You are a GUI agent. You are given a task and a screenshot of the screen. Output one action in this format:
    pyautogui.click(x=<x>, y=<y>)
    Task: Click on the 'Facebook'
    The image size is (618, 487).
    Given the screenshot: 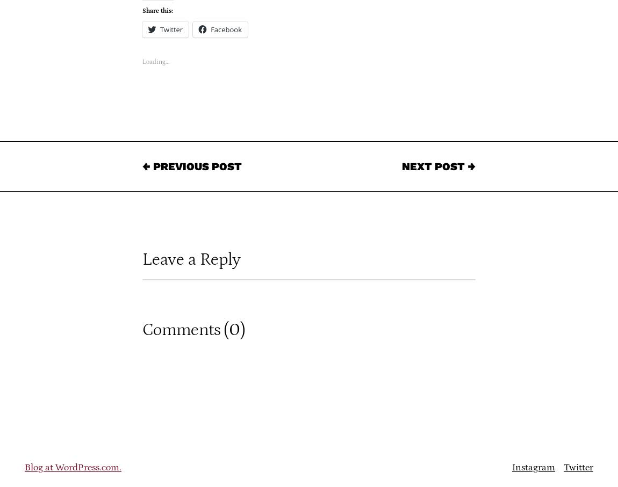 What is the action you would take?
    pyautogui.click(x=226, y=29)
    